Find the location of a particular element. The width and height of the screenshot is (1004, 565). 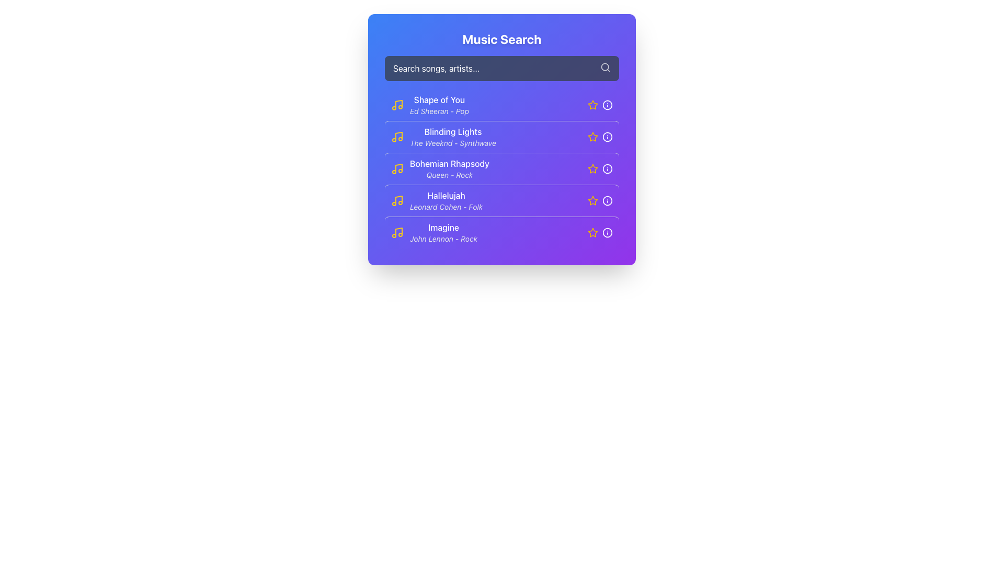

the text label displaying 'Shape of You' by Ed Sheeran, located to the right of a yellow music note icon is located at coordinates (439, 105).